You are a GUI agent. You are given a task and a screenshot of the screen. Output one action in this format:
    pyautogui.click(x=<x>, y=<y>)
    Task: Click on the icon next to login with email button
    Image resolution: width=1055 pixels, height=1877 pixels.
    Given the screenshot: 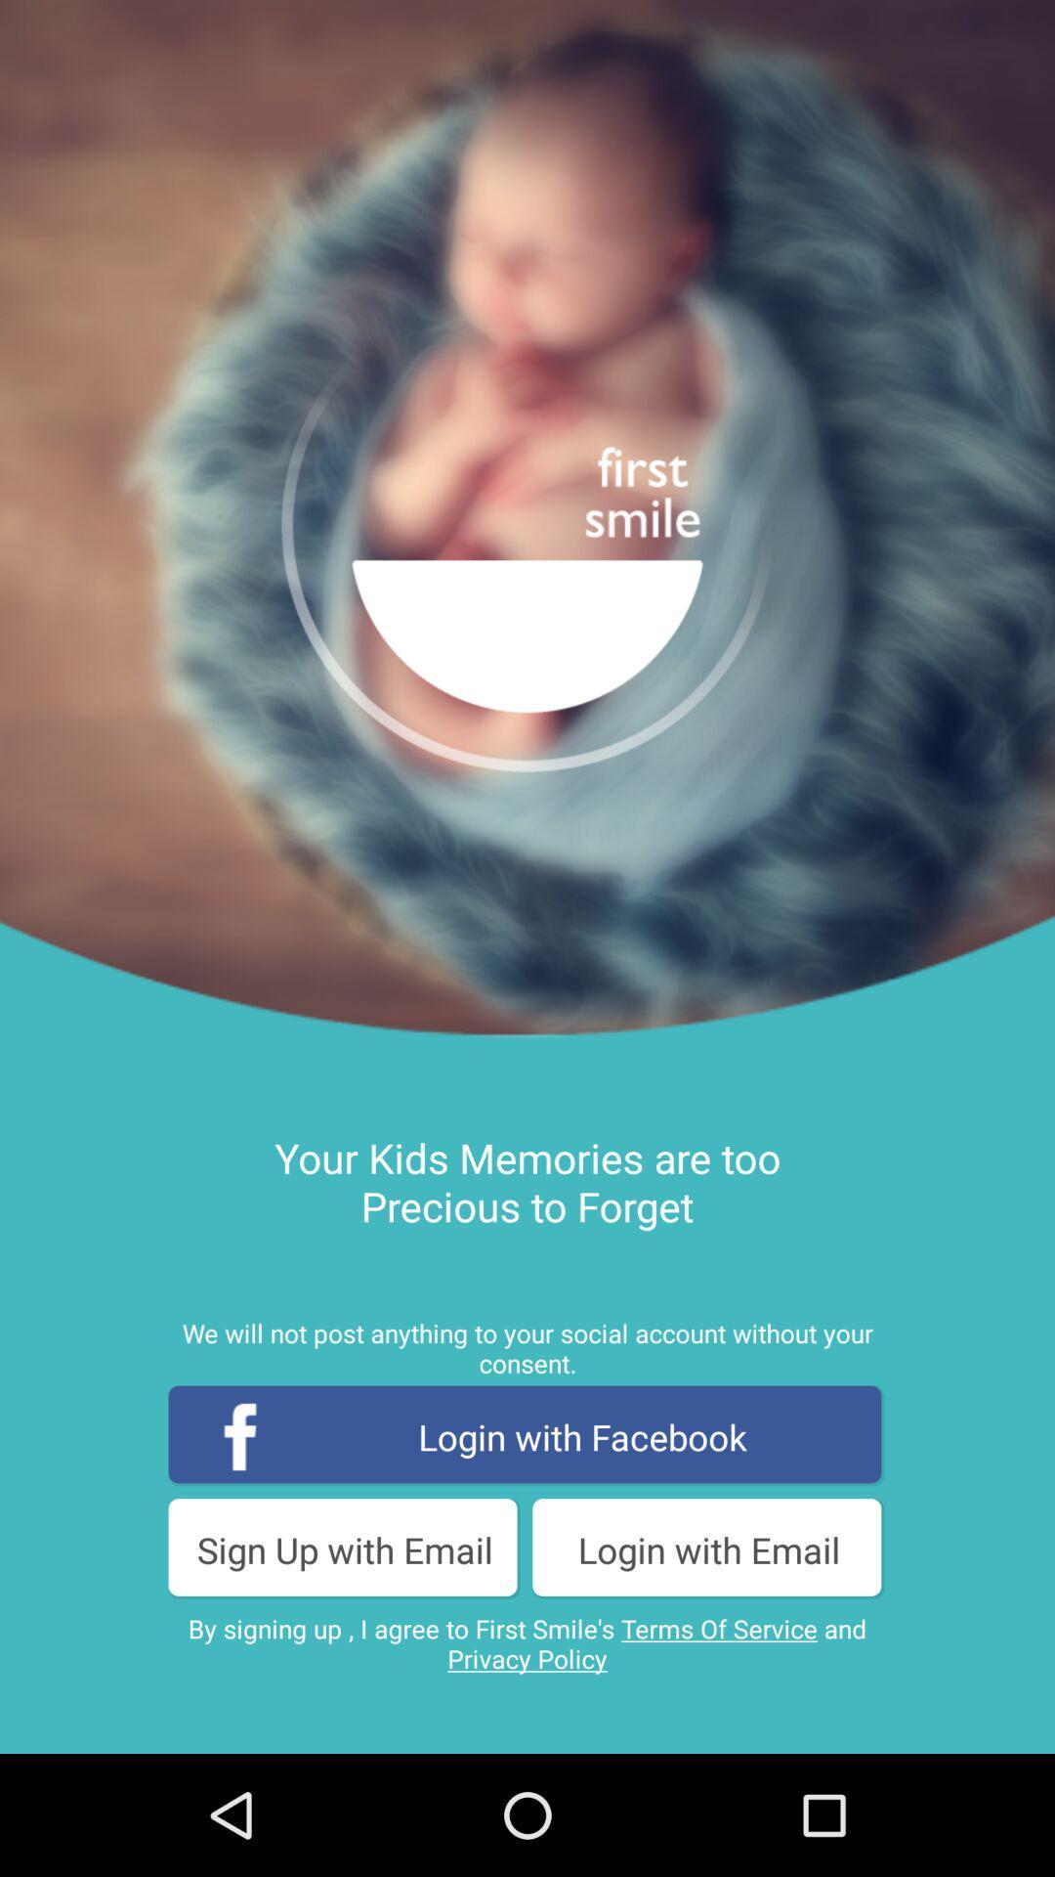 What is the action you would take?
    pyautogui.click(x=344, y=1549)
    